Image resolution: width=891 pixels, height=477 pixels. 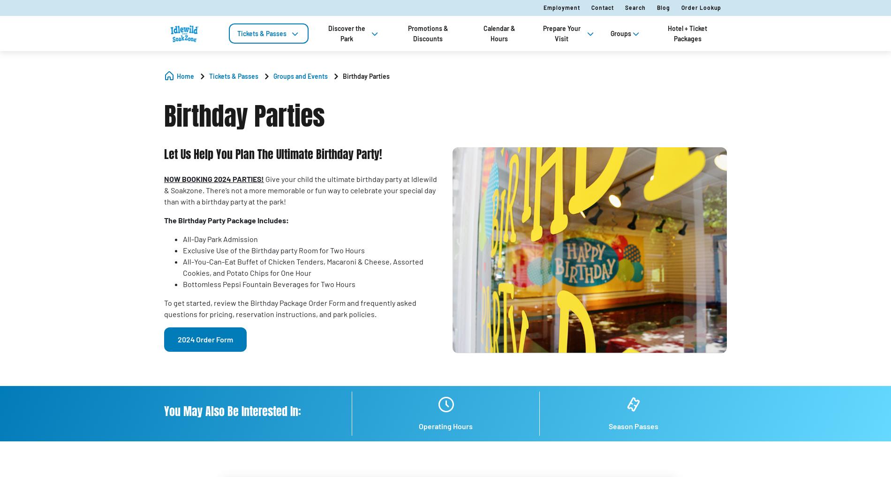 What do you see at coordinates (204, 338) in the screenshot?
I see `'2024 Order Form'` at bounding box center [204, 338].